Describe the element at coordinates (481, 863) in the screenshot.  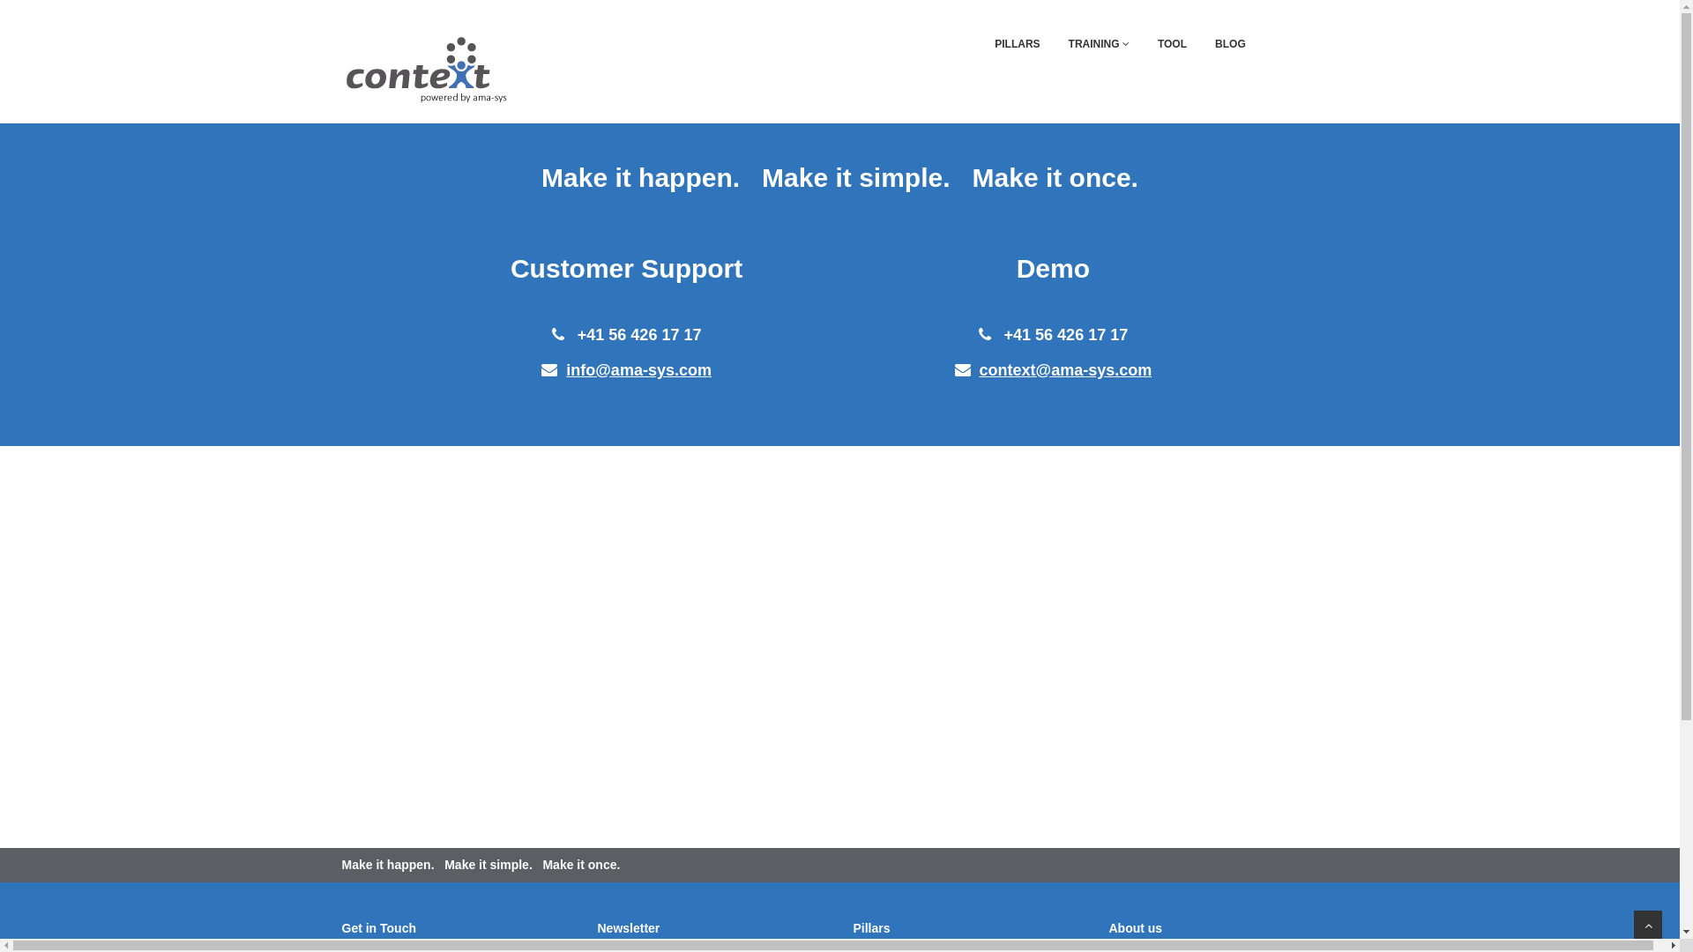
I see `'Make it happen.   Make it simple.   Make it once.'` at that location.